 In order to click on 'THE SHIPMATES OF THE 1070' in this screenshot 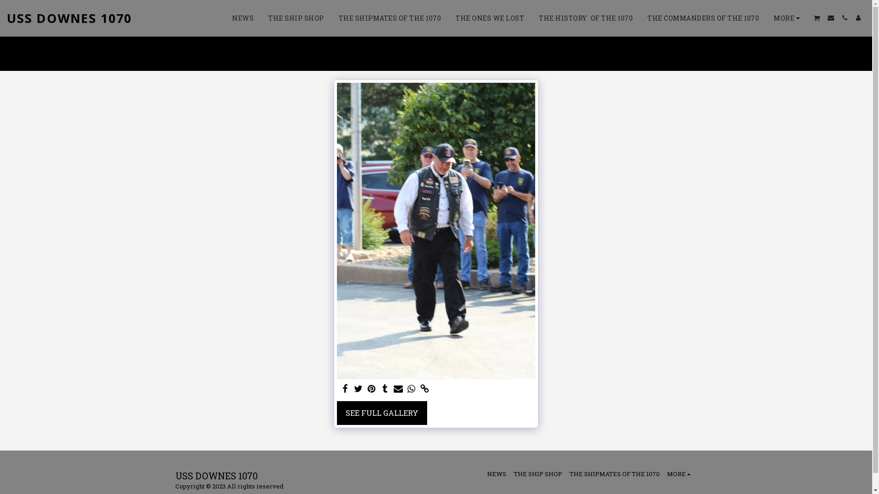, I will do `click(614, 473)`.